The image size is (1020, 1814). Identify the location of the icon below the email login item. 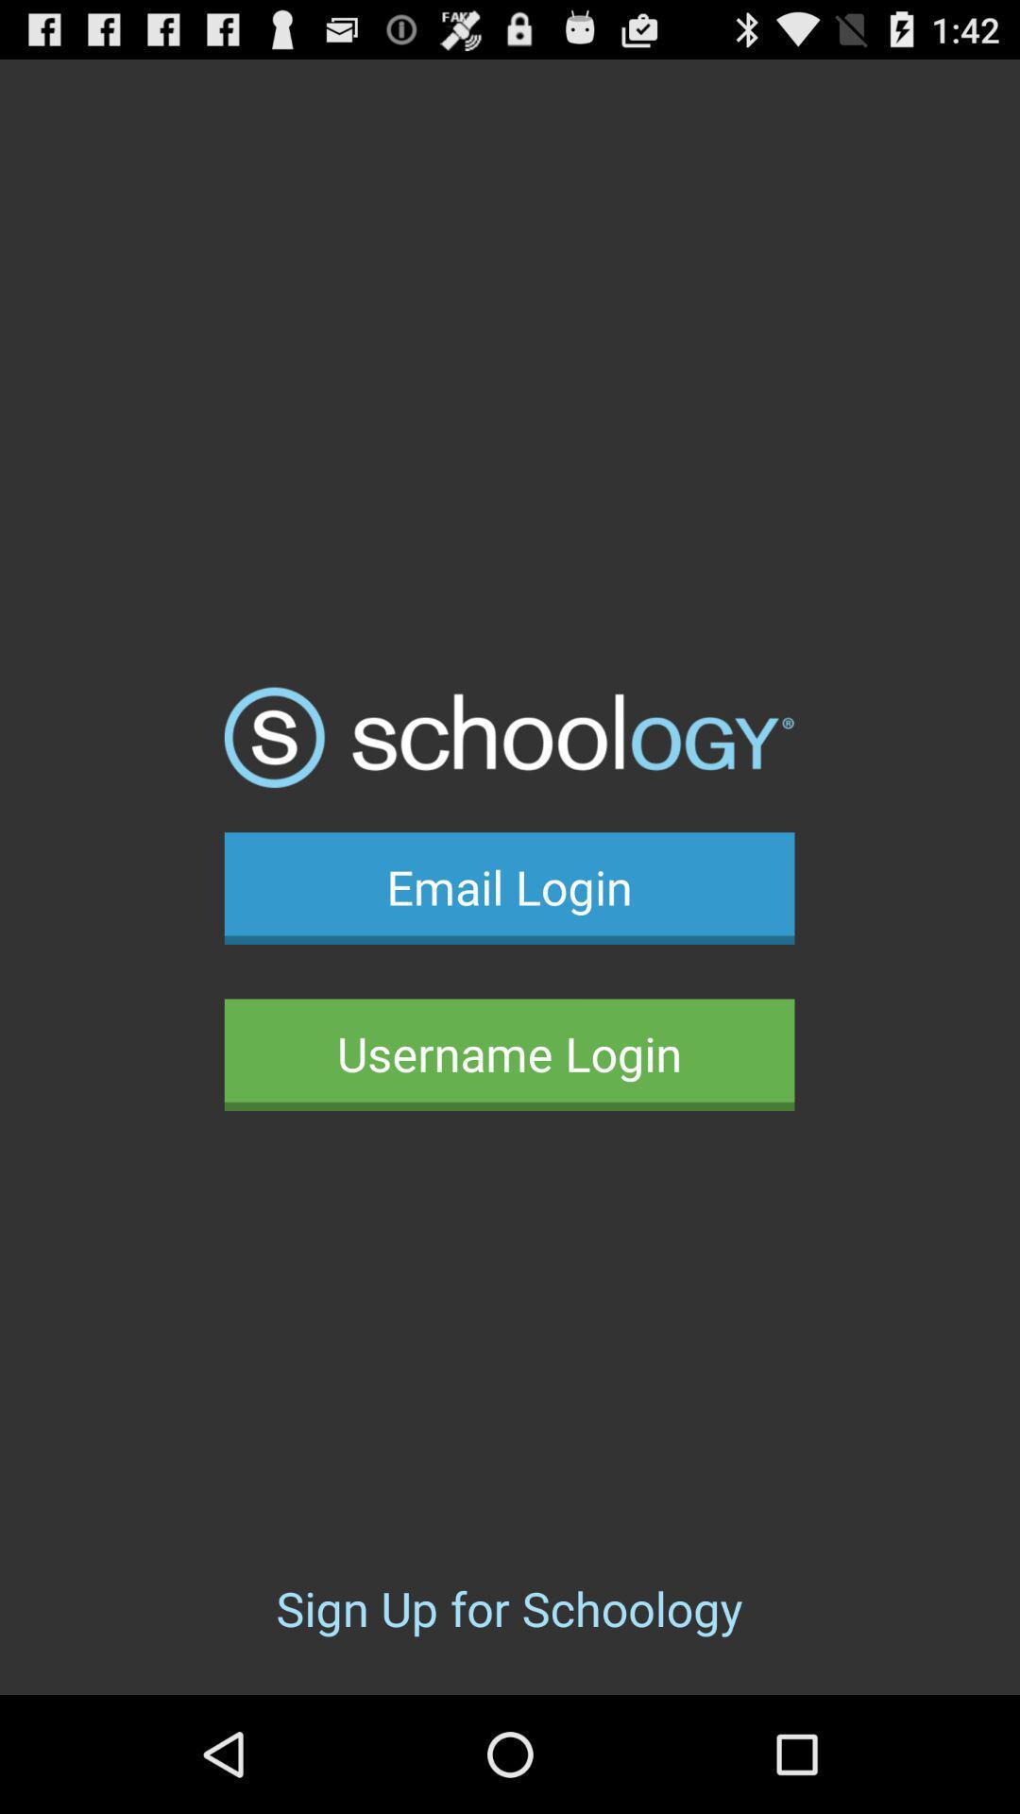
(508, 1053).